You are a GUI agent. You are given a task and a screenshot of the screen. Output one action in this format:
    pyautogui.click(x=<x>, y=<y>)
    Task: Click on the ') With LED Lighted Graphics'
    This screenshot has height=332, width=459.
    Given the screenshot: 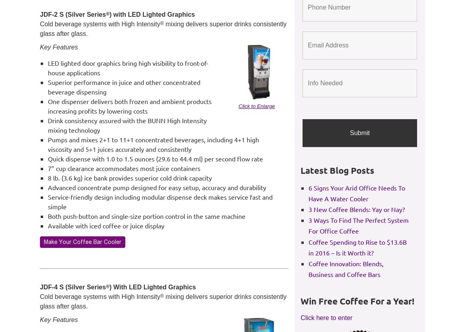 What is the action you would take?
    pyautogui.click(x=152, y=287)
    